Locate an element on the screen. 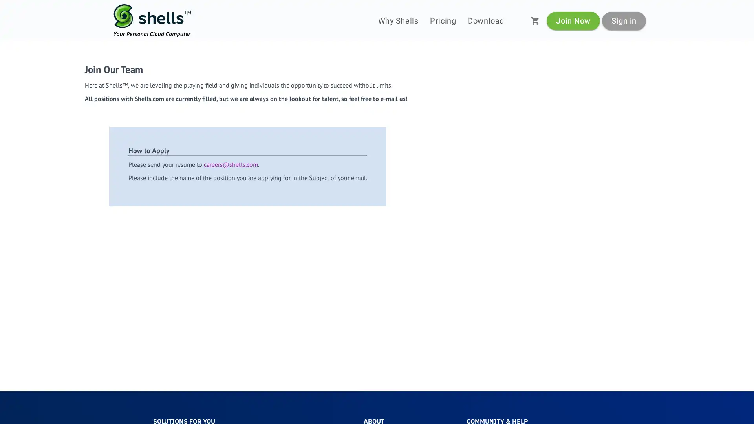  Shells Logo is located at coordinates (152, 20).